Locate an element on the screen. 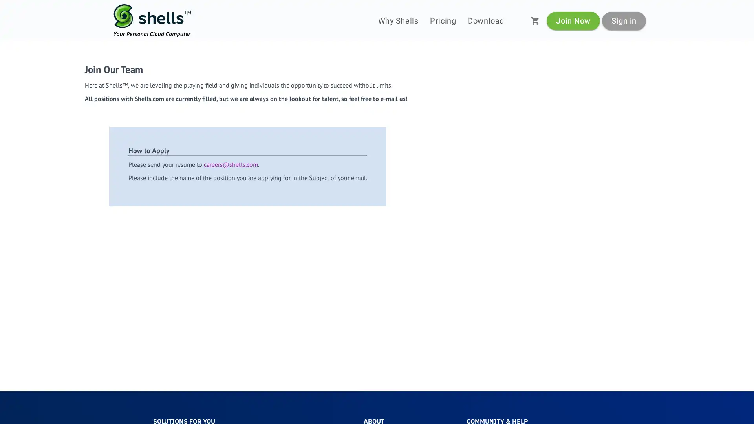  Shells Logo is located at coordinates (152, 20).